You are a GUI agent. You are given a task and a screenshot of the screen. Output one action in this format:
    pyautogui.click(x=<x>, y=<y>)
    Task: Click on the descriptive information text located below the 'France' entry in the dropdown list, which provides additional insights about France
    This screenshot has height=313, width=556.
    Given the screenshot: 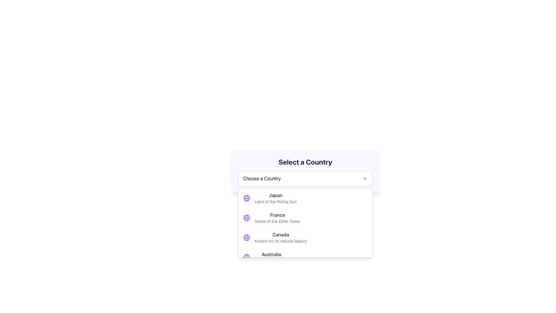 What is the action you would take?
    pyautogui.click(x=277, y=221)
    